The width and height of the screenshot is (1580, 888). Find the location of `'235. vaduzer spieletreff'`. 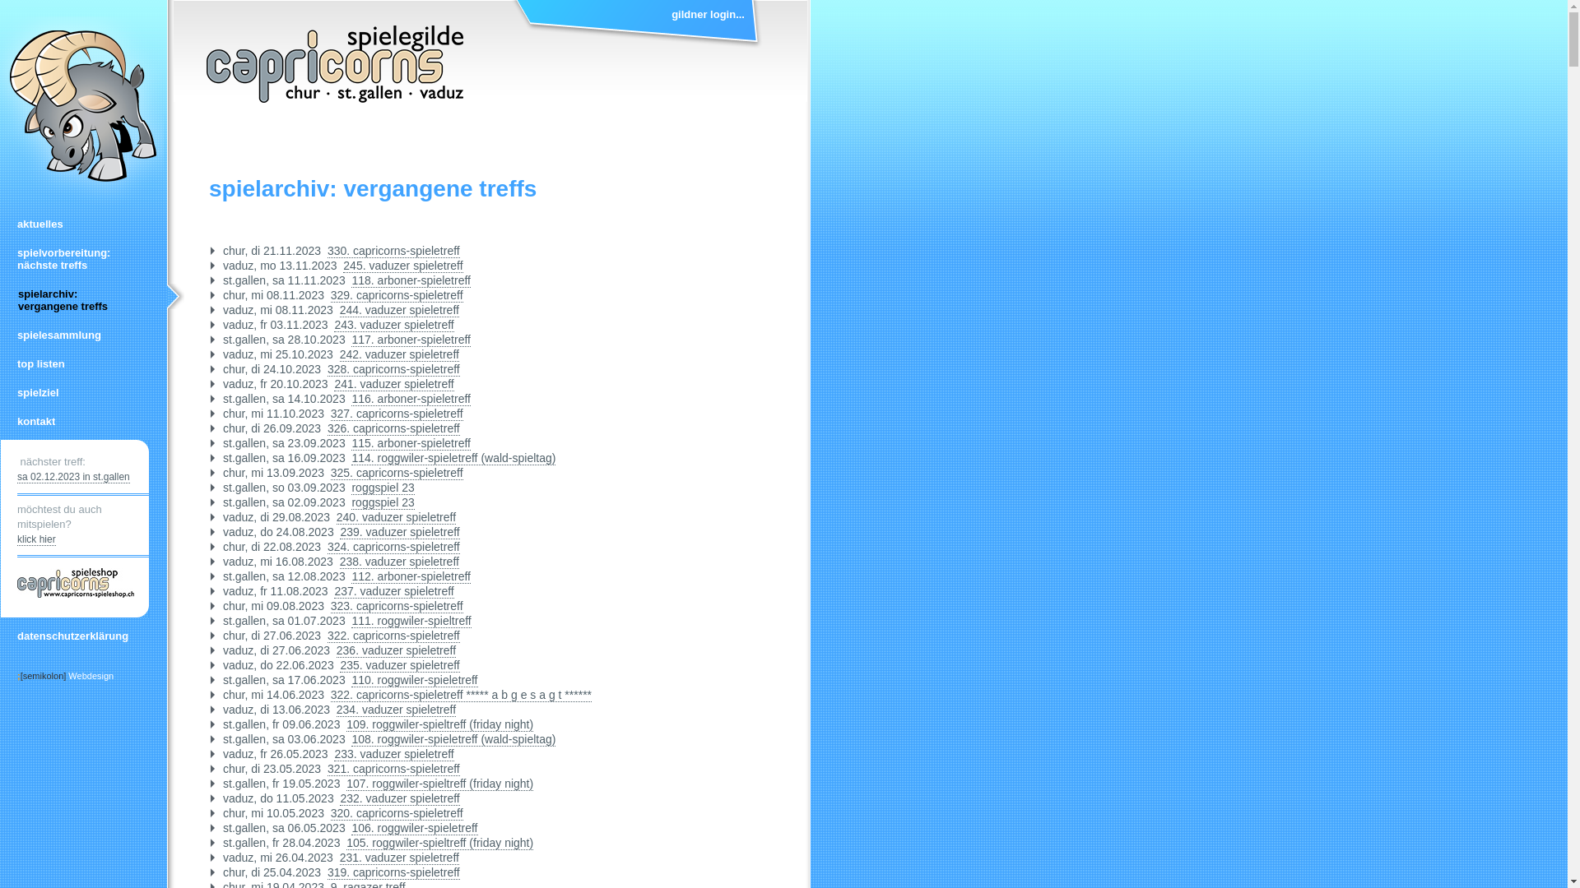

'235. vaduzer spieletreff' is located at coordinates (338, 664).